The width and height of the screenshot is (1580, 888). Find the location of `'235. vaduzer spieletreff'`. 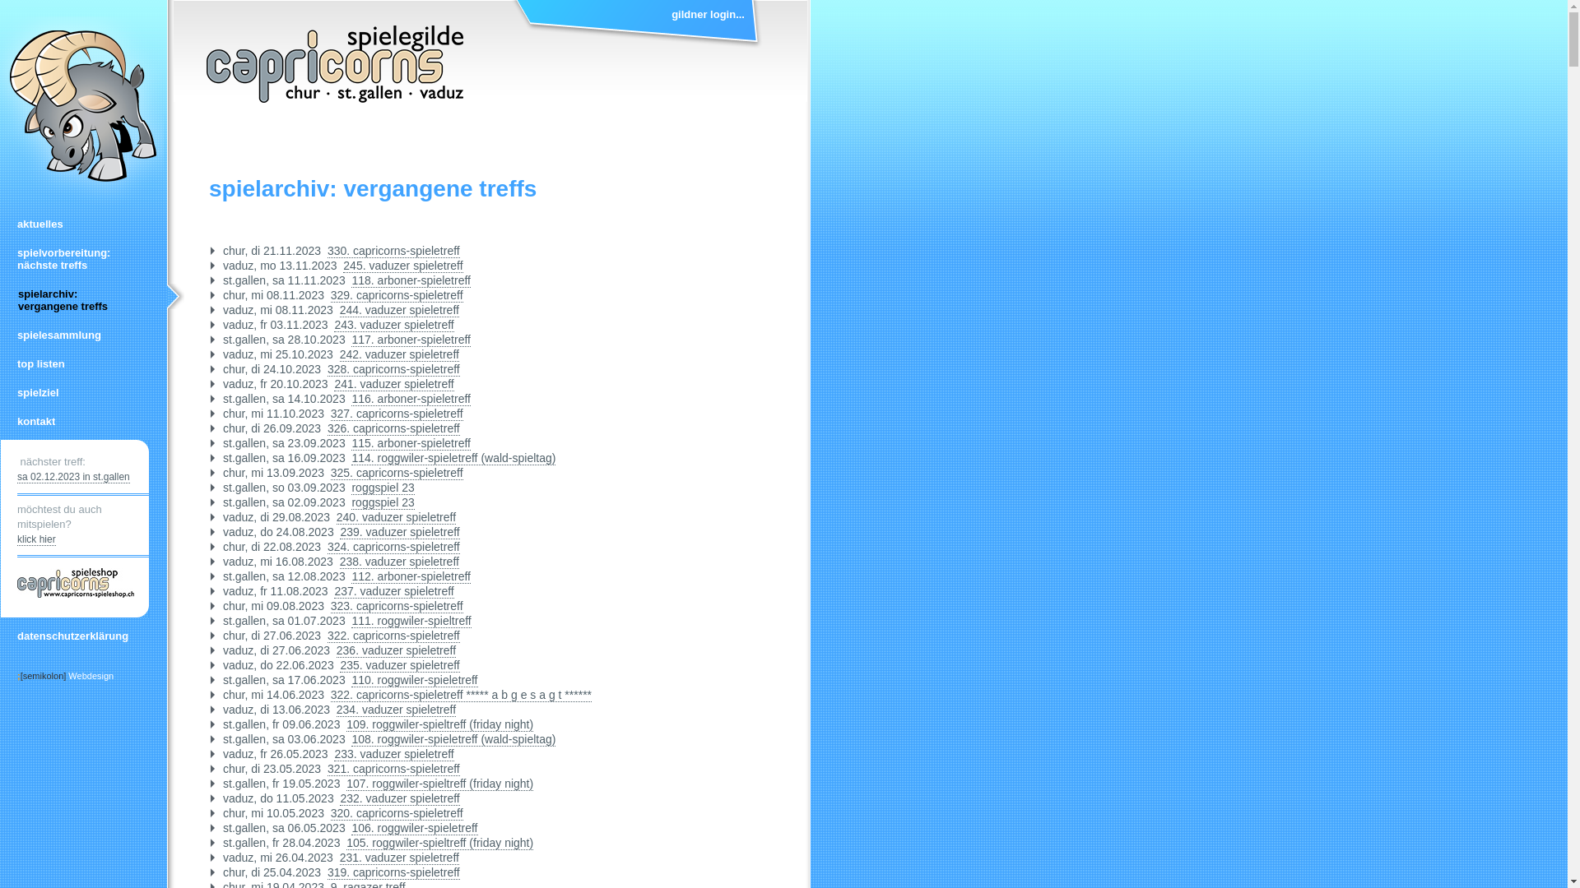

'235. vaduzer spieletreff' is located at coordinates (338, 664).